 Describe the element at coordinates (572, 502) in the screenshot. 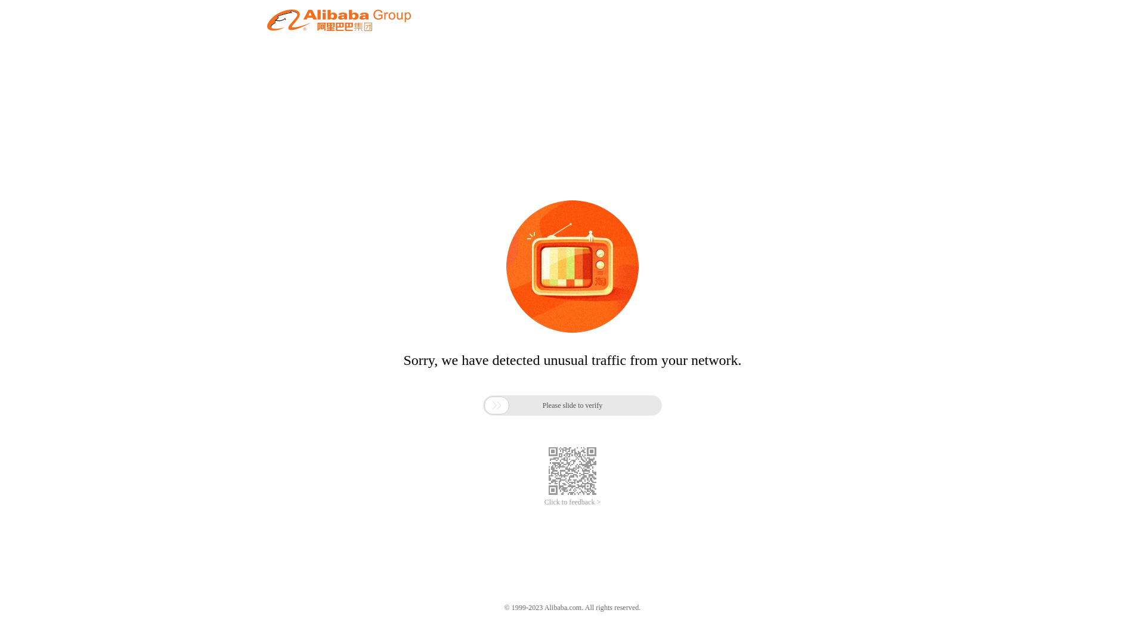

I see `'Click to feedback >'` at that location.